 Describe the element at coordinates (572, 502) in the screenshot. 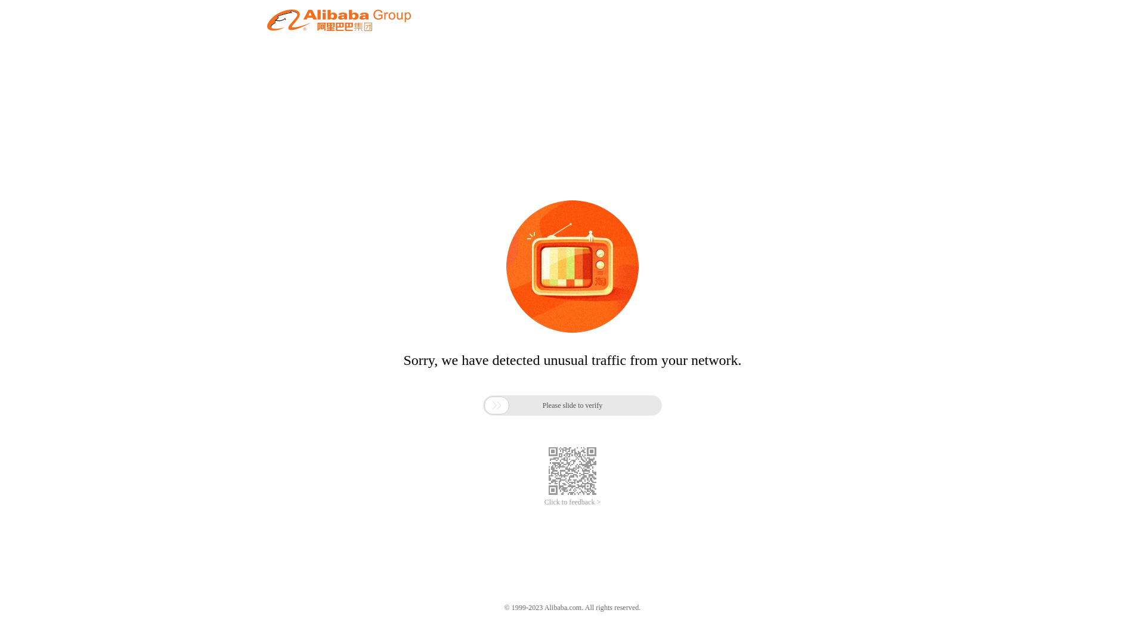

I see `'Click to feedback >'` at that location.